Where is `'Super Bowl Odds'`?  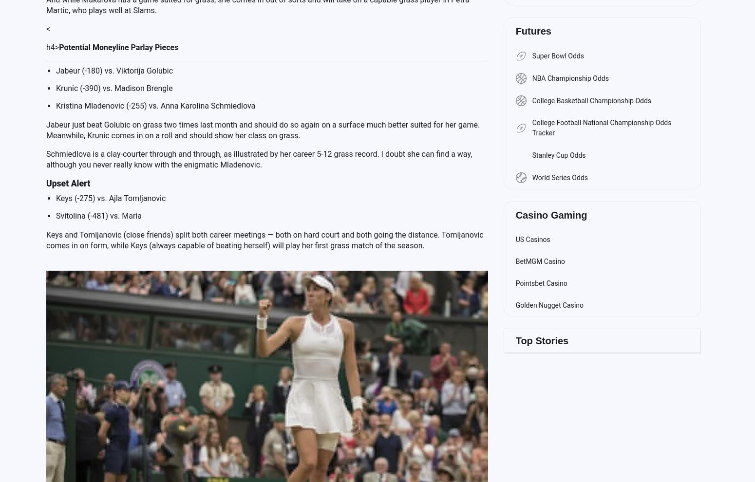 'Super Bowl Odds' is located at coordinates (531, 55).